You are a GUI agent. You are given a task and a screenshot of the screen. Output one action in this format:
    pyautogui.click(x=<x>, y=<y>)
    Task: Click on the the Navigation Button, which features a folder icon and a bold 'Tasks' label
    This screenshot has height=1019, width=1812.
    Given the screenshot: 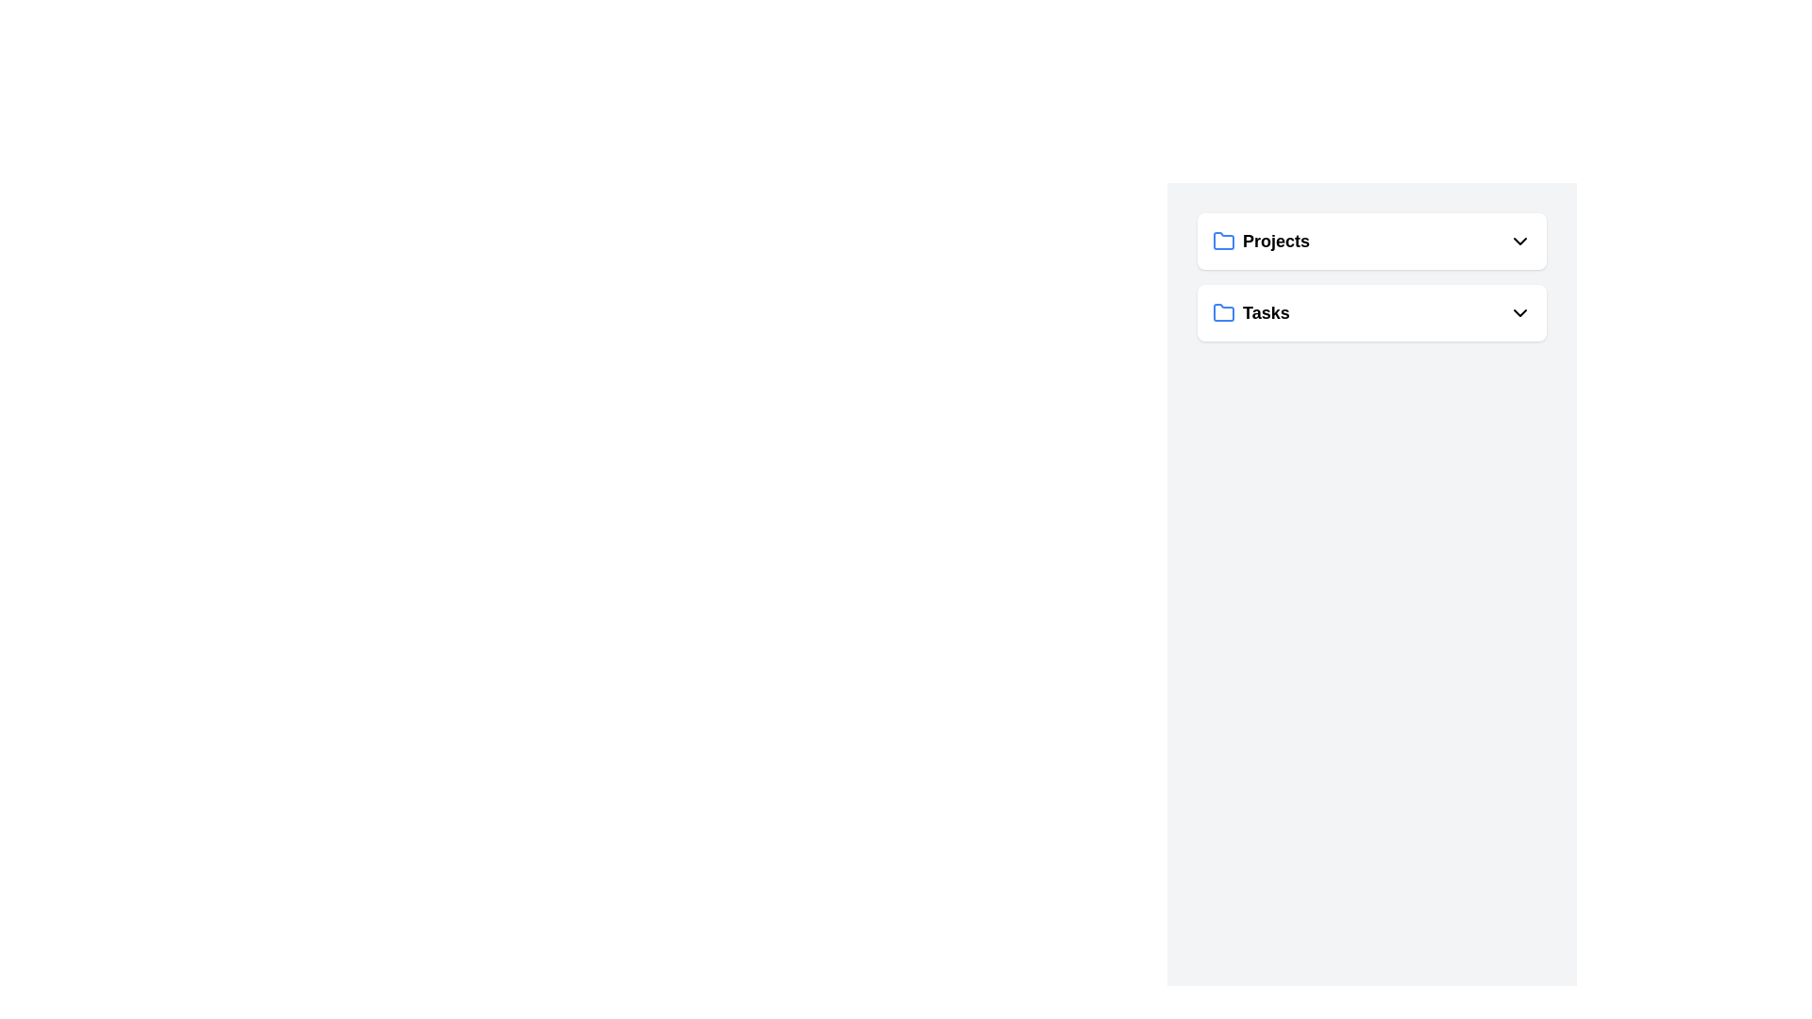 What is the action you would take?
    pyautogui.click(x=1250, y=311)
    